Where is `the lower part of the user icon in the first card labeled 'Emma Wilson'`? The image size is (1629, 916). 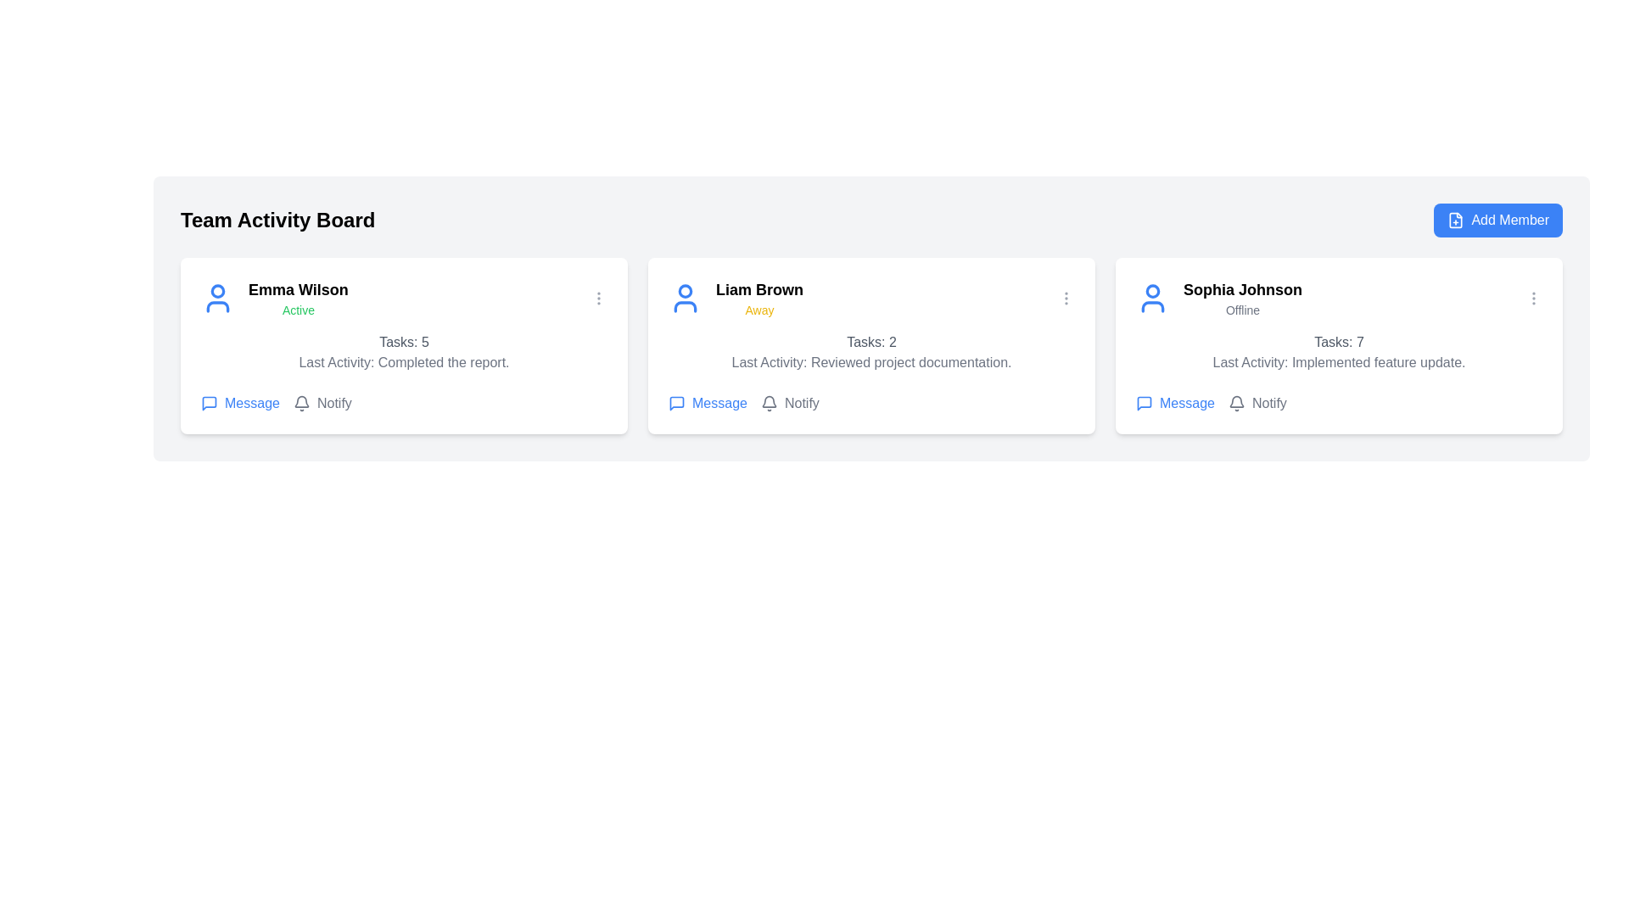 the lower part of the user icon in the first card labeled 'Emma Wilson' is located at coordinates (217, 307).